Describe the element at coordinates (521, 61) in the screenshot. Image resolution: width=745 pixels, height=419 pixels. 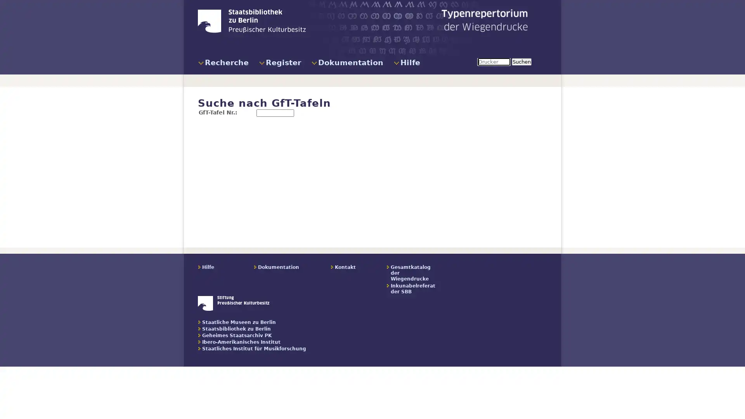
I see `Suchen` at that location.